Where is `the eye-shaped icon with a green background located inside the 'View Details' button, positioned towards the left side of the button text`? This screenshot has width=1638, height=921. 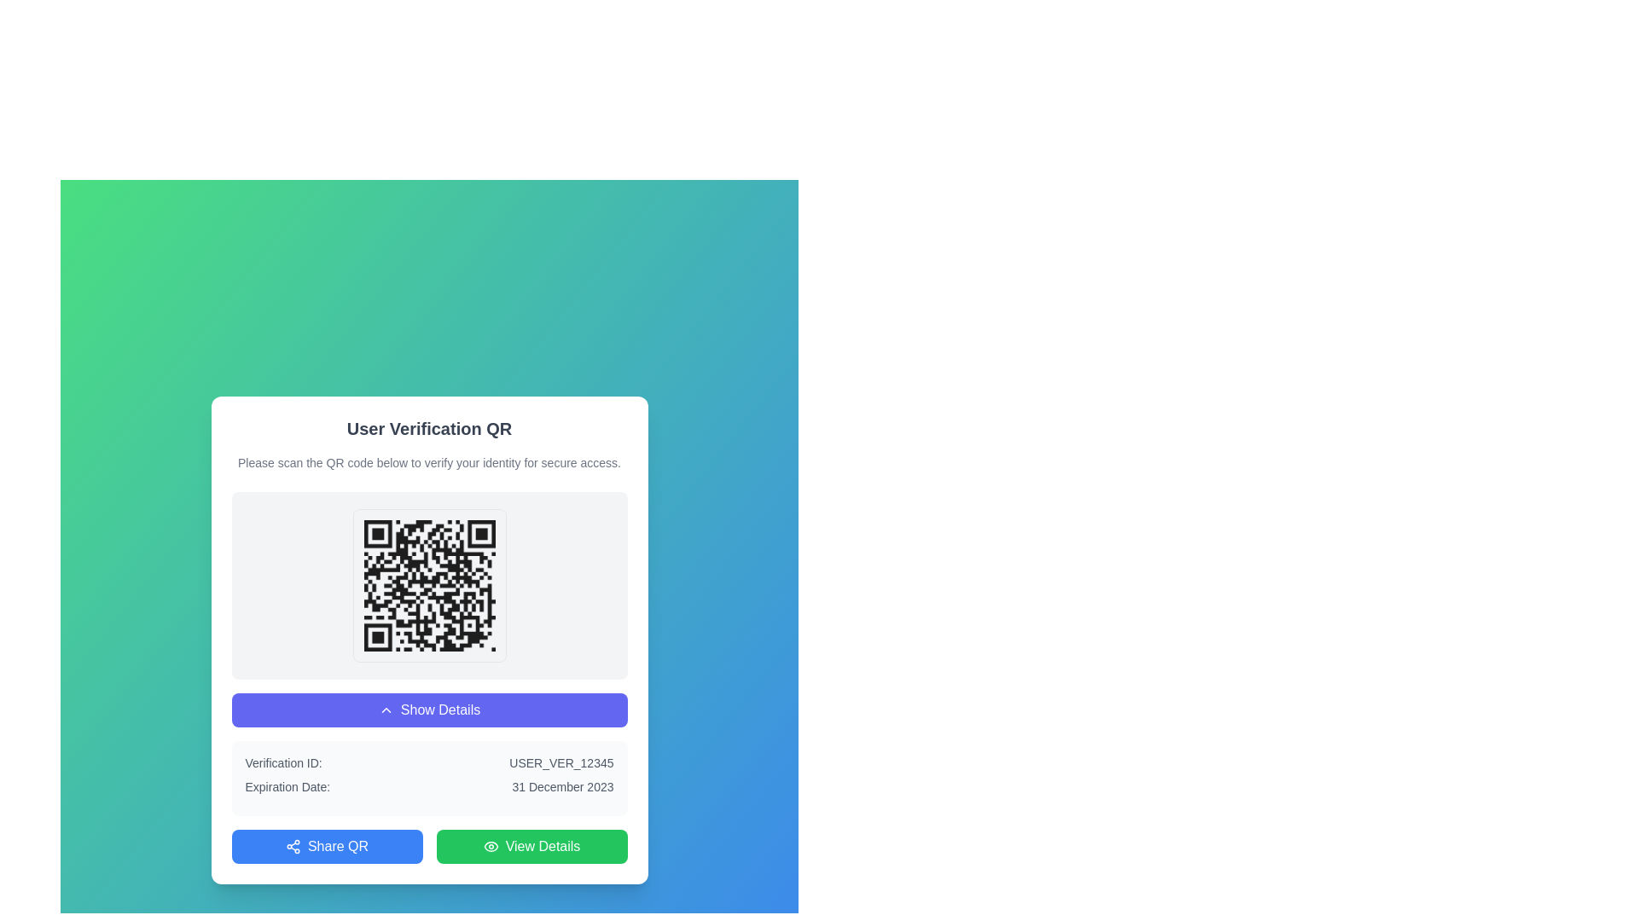
the eye-shaped icon with a green background located inside the 'View Details' button, positioned towards the left side of the button text is located at coordinates (490, 846).